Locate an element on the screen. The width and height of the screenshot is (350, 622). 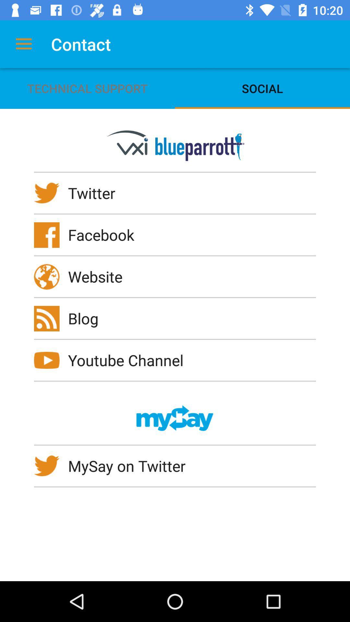
the youtube channel icon is located at coordinates (130, 360).